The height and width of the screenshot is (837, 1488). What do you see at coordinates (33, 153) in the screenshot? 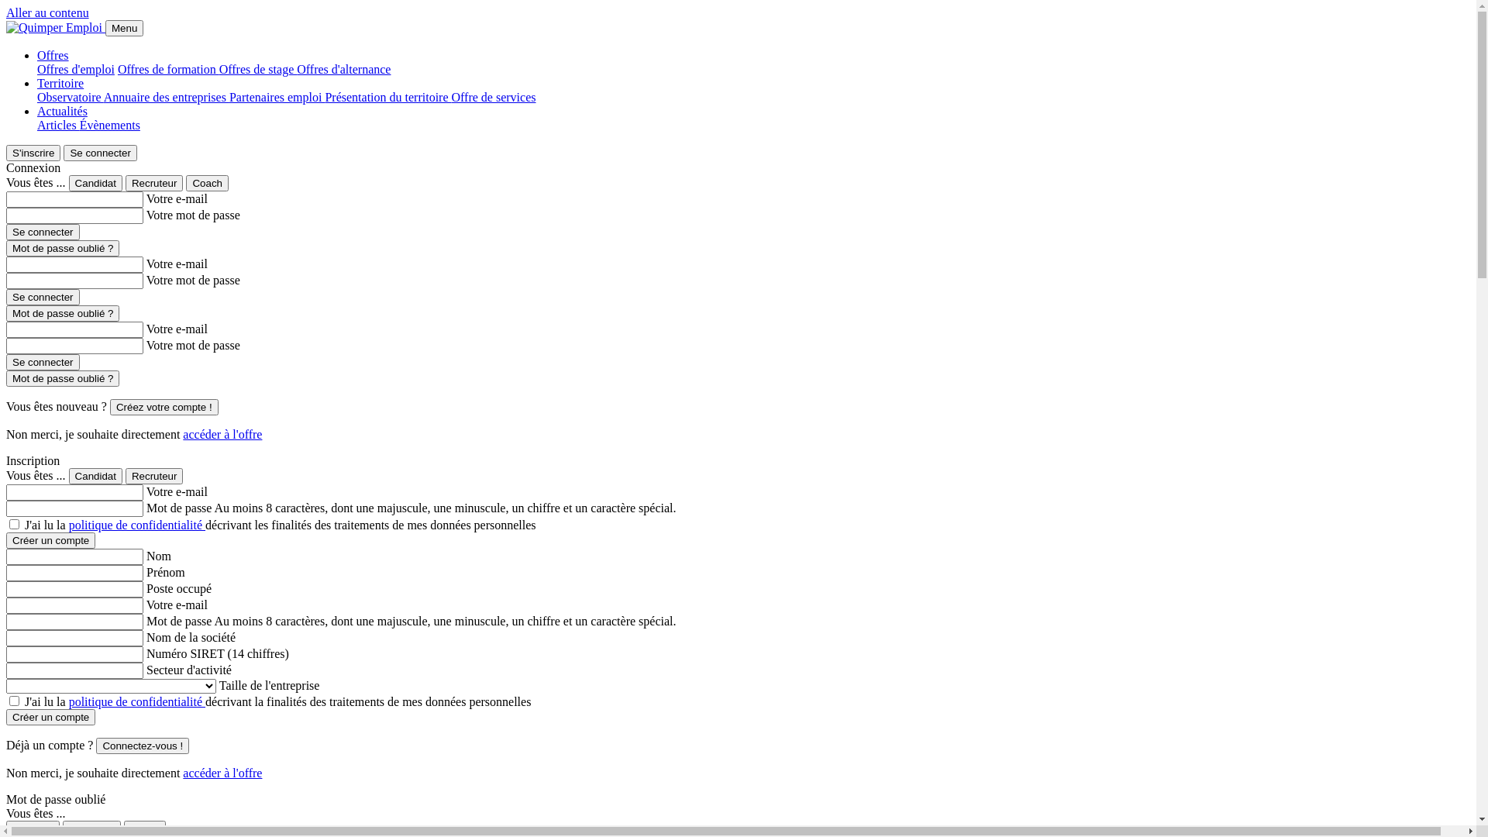
I see `'S'inscrire'` at bounding box center [33, 153].